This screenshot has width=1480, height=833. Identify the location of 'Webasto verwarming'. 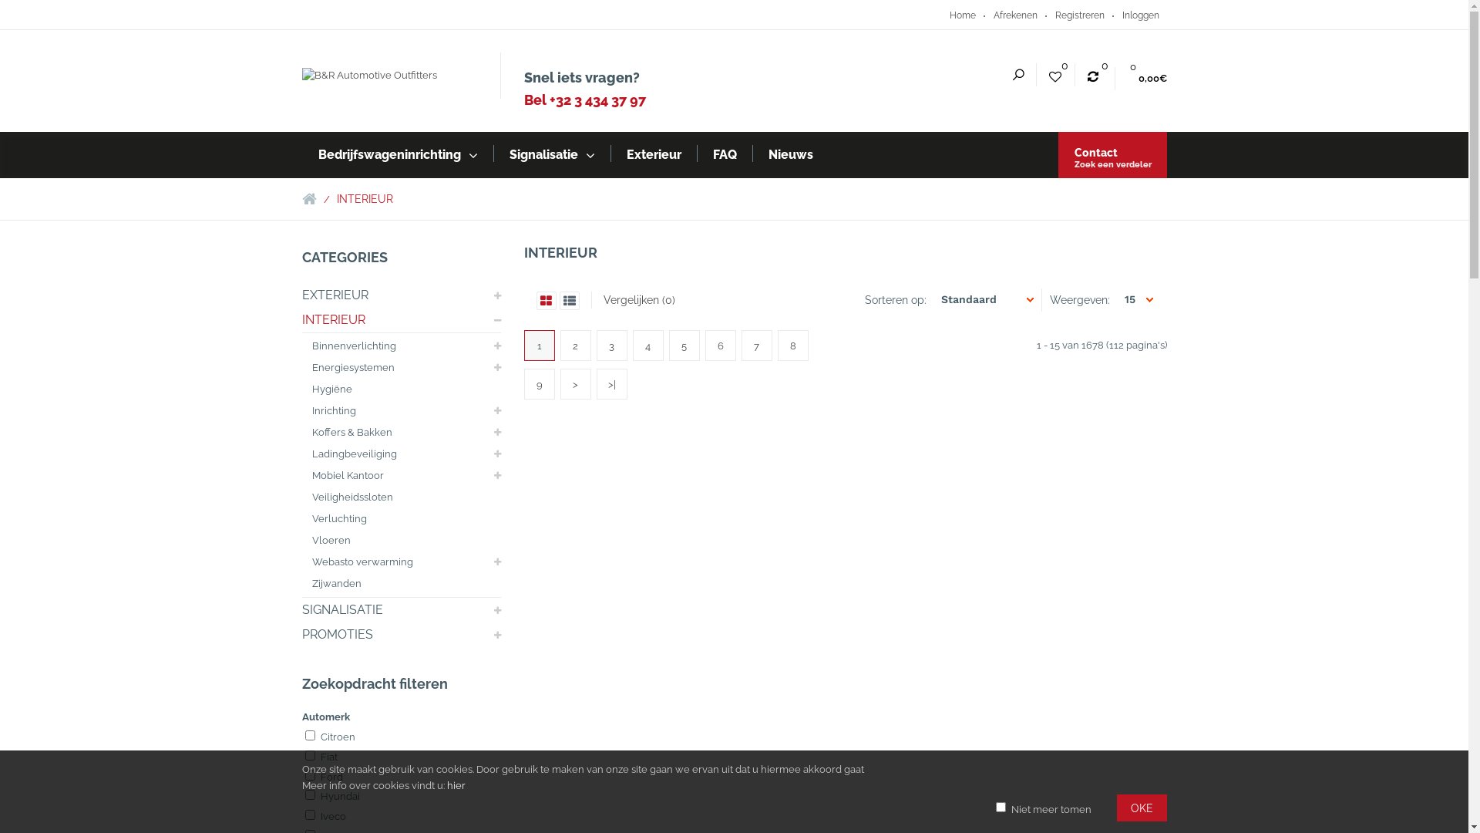
(361, 562).